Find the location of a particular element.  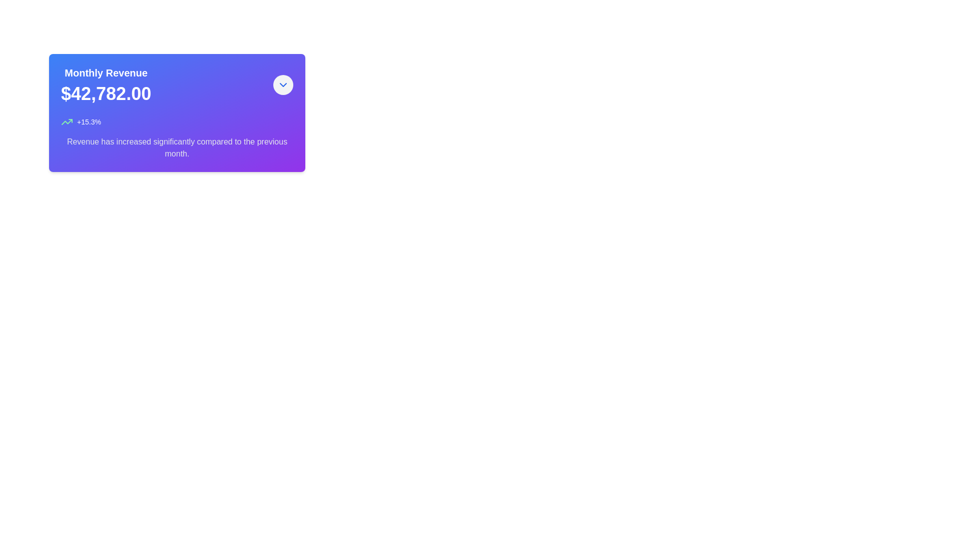

the positive progress icon located to the left of the '+15.3%' text label in the monthly revenue card is located at coordinates (67, 121).